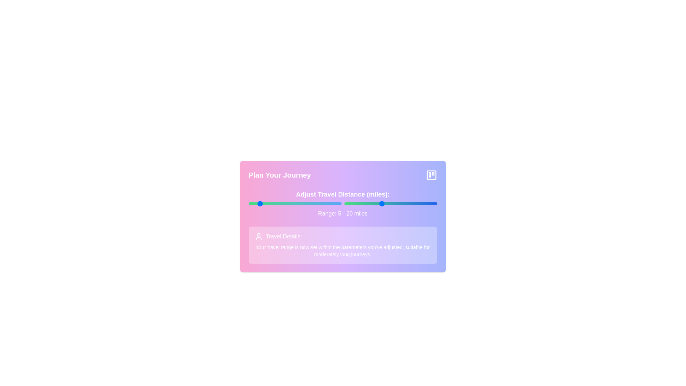 This screenshot has width=686, height=386. What do you see at coordinates (342, 213) in the screenshot?
I see `the centered text label displaying 'Range: 5 - 20 miles' within the travel distance adjustment interface` at bounding box center [342, 213].